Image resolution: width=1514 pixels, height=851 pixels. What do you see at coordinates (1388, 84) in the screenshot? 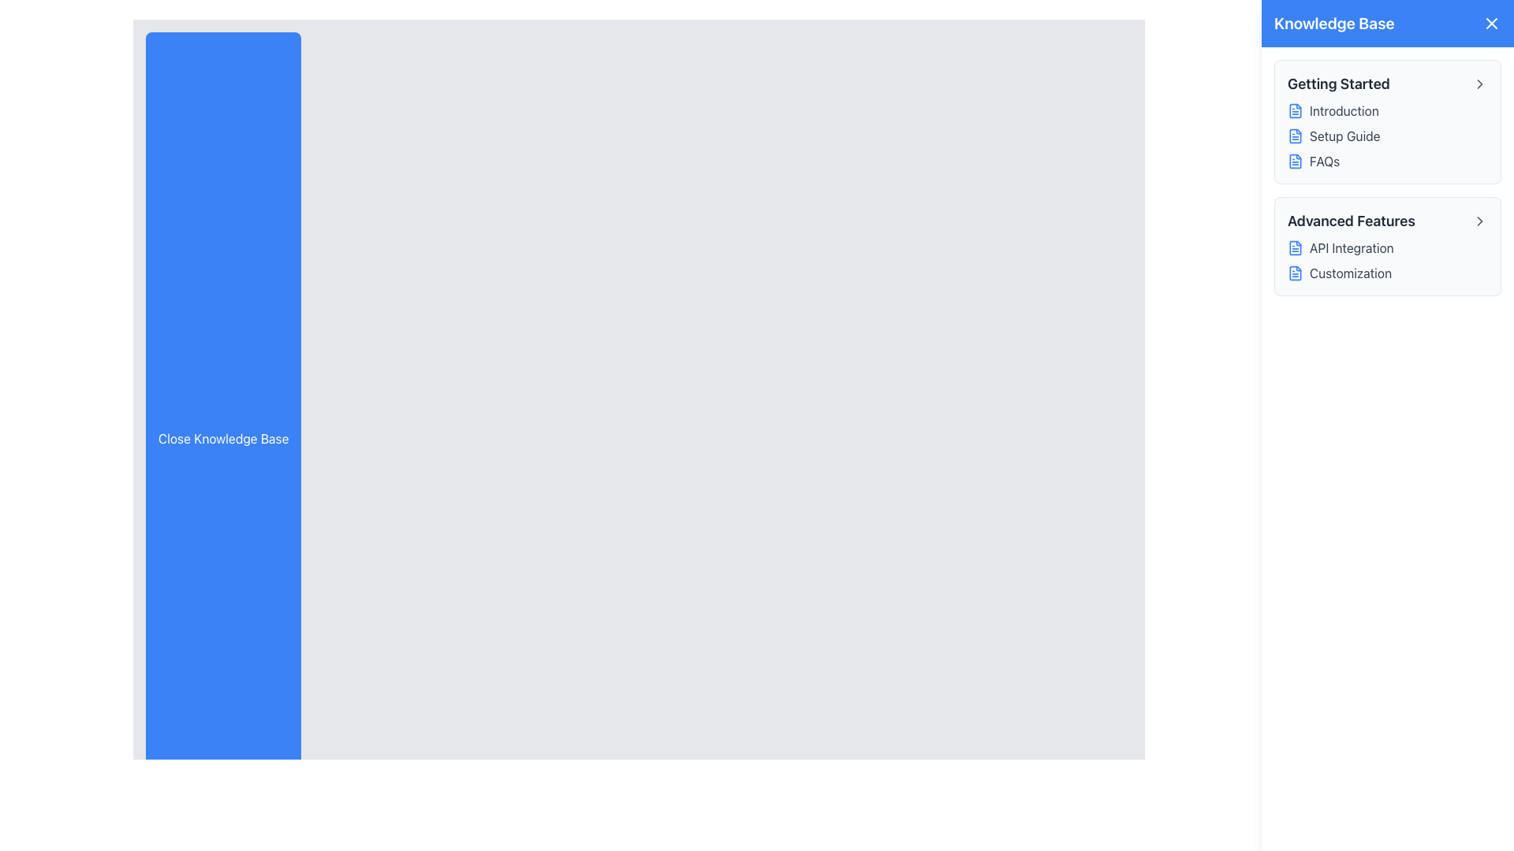
I see `the 'Getting Started' button located at the top section of the information card` at bounding box center [1388, 84].